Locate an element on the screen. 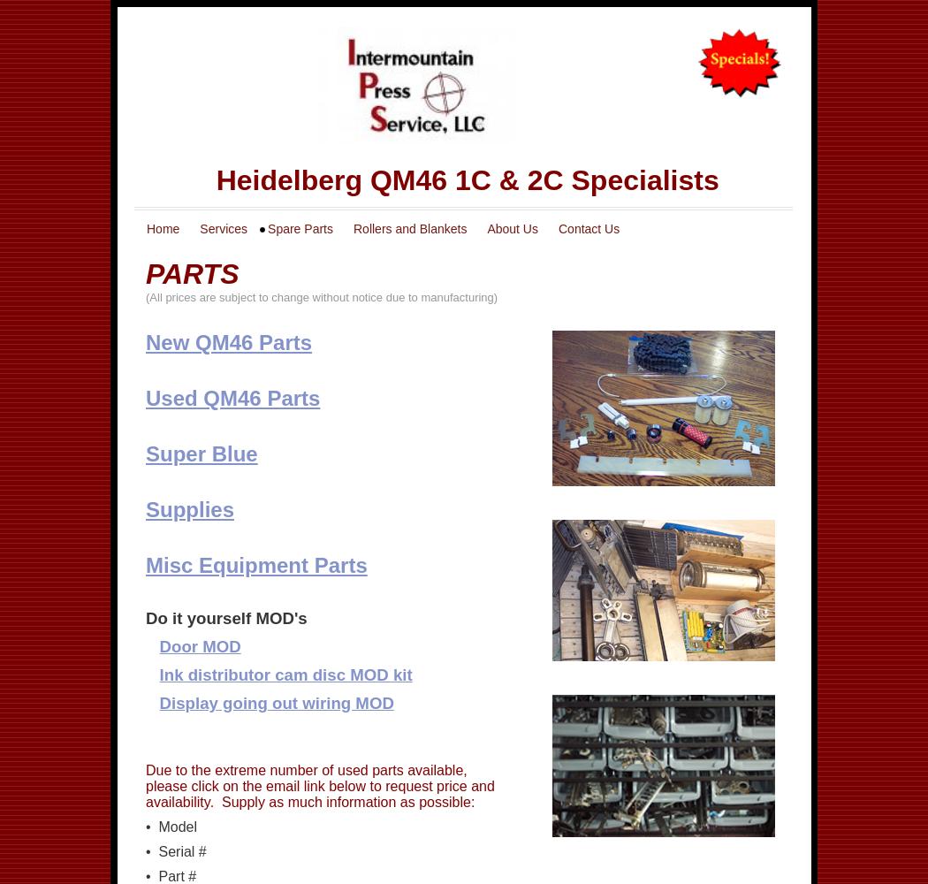 This screenshot has height=884, width=928. 'Home' is located at coordinates (147, 229).